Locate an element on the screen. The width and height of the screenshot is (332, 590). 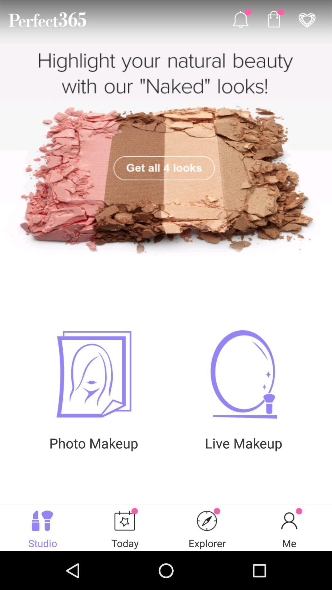
the favorite icon is located at coordinates (307, 21).